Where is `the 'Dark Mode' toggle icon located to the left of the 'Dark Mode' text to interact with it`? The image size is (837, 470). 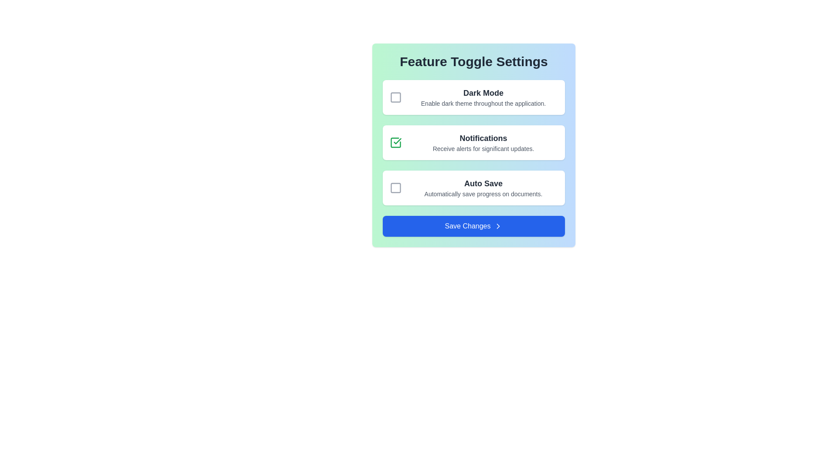 the 'Dark Mode' toggle icon located to the left of the 'Dark Mode' text to interact with it is located at coordinates (395, 97).